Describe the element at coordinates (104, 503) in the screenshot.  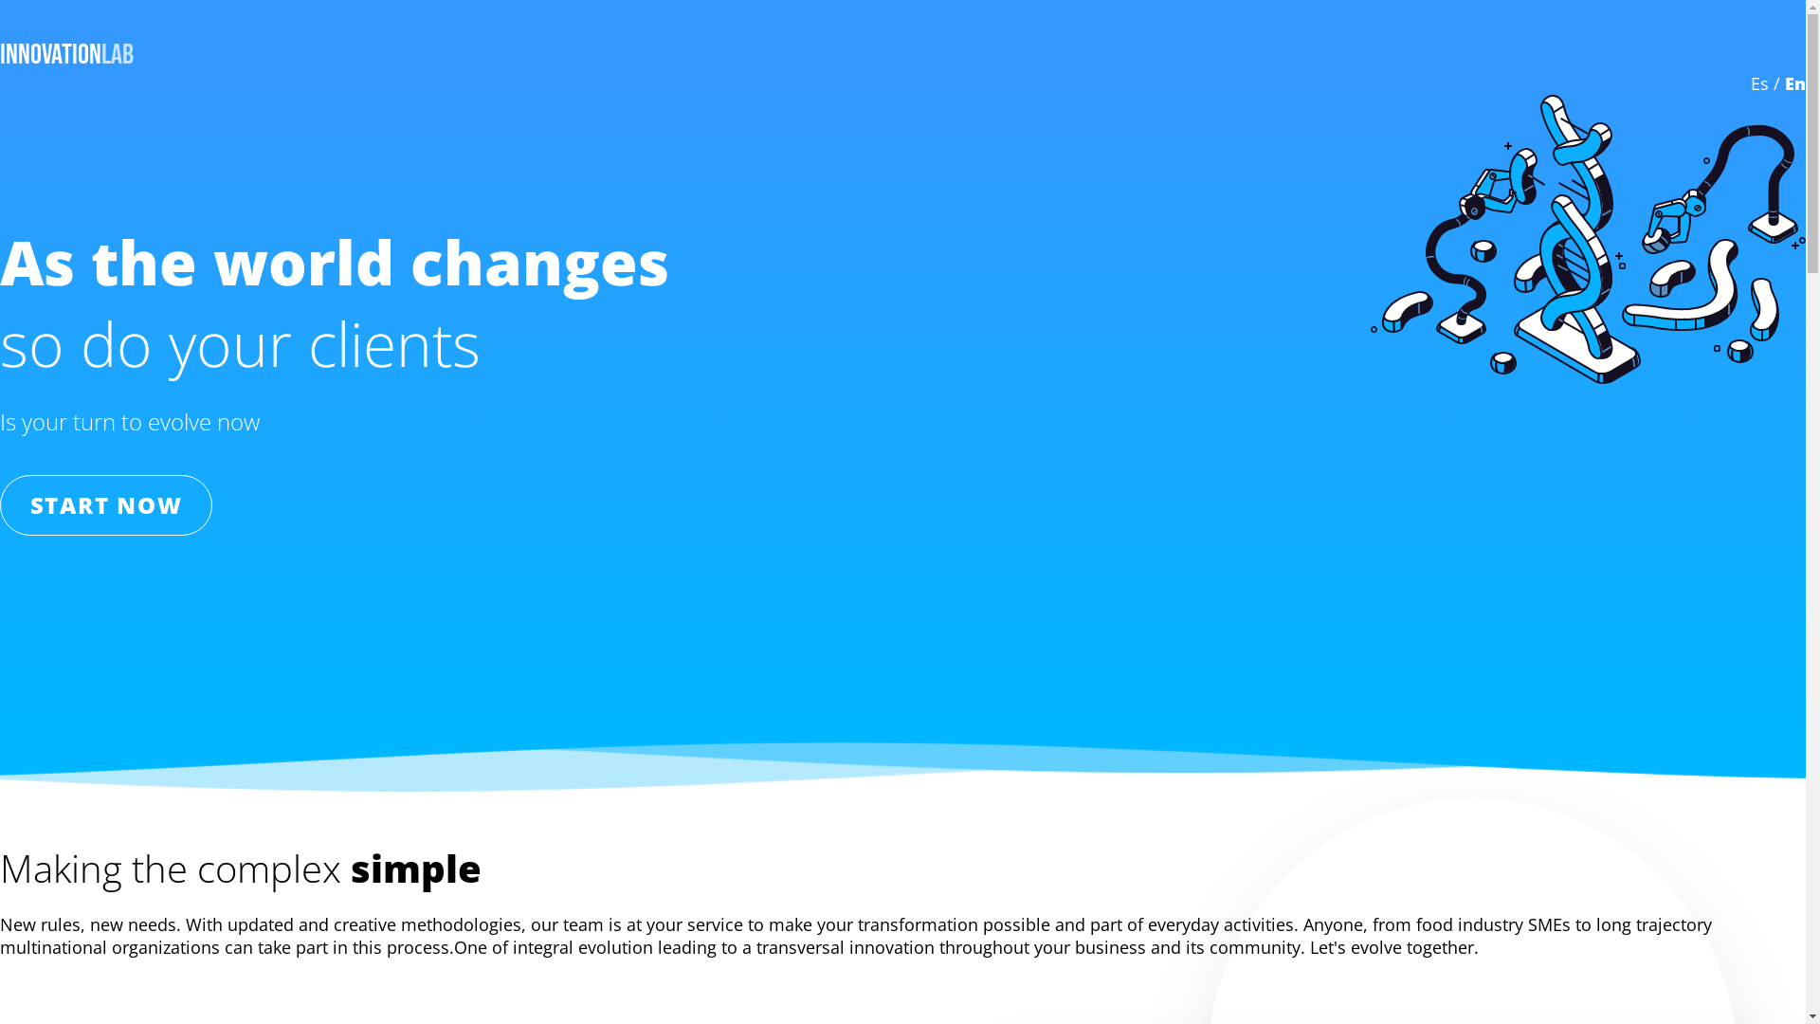
I see `'START NOW'` at that location.